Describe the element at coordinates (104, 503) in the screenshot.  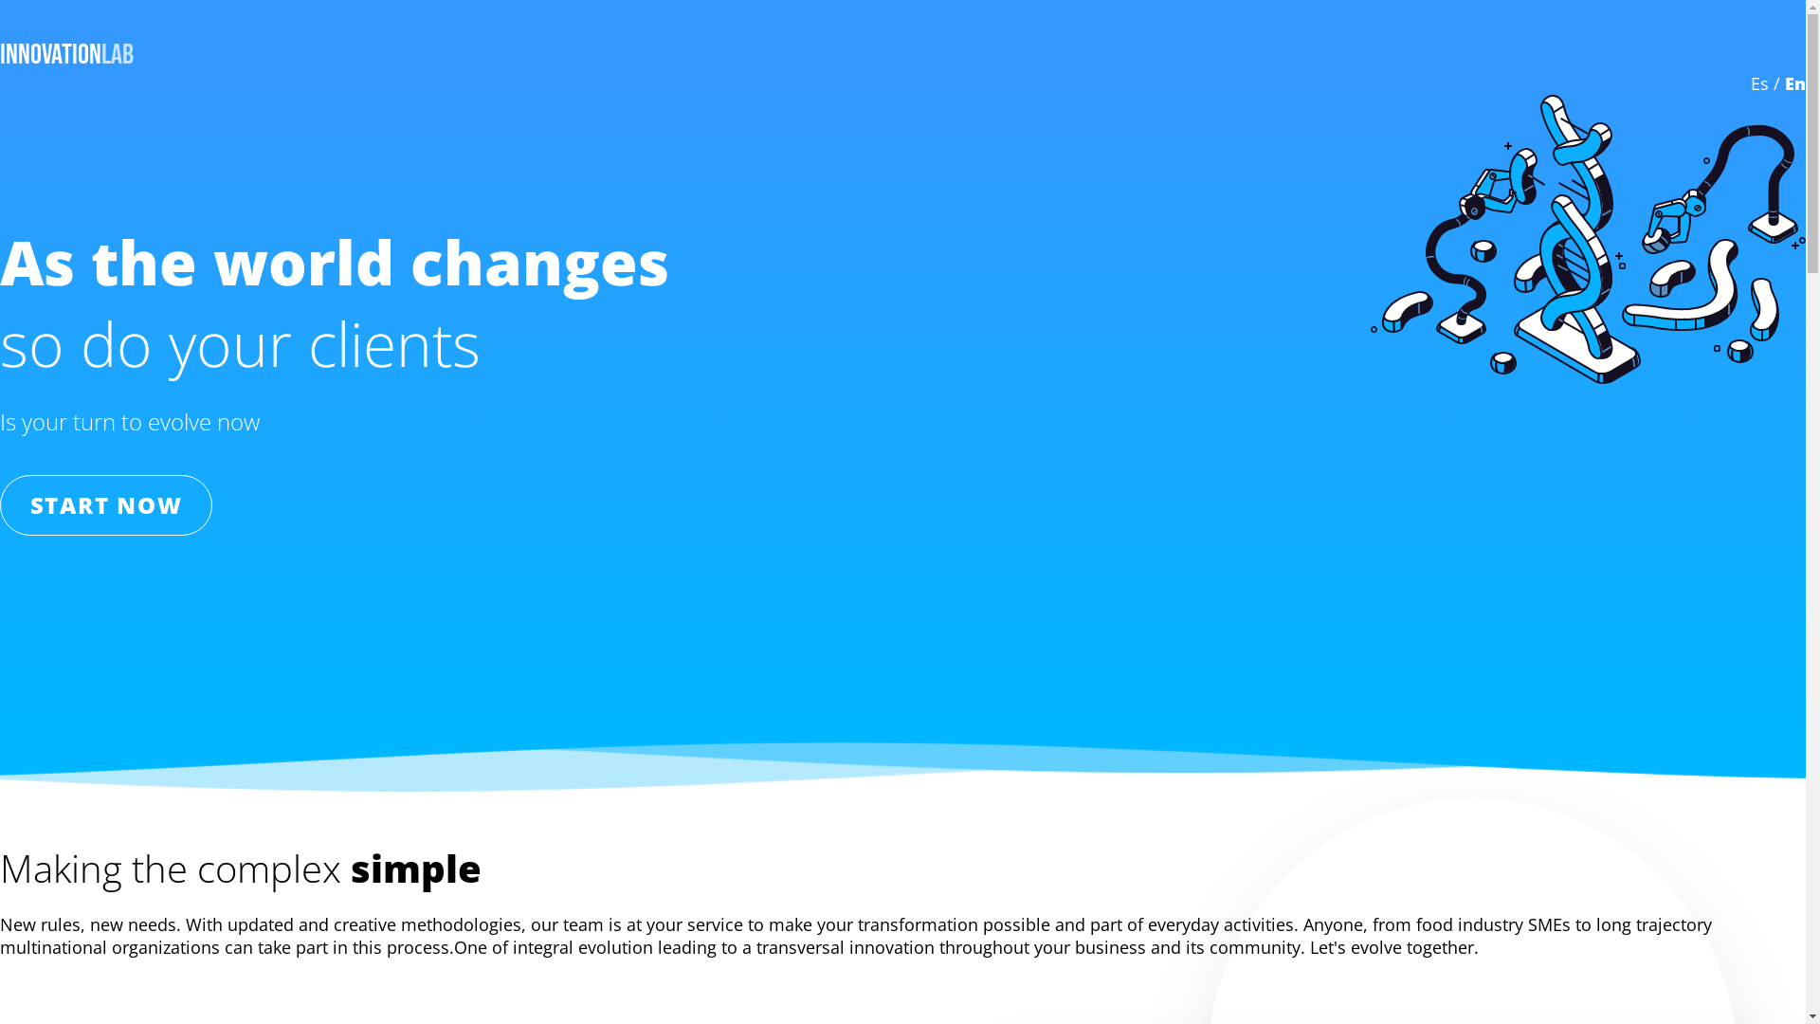
I see `'START NOW'` at that location.